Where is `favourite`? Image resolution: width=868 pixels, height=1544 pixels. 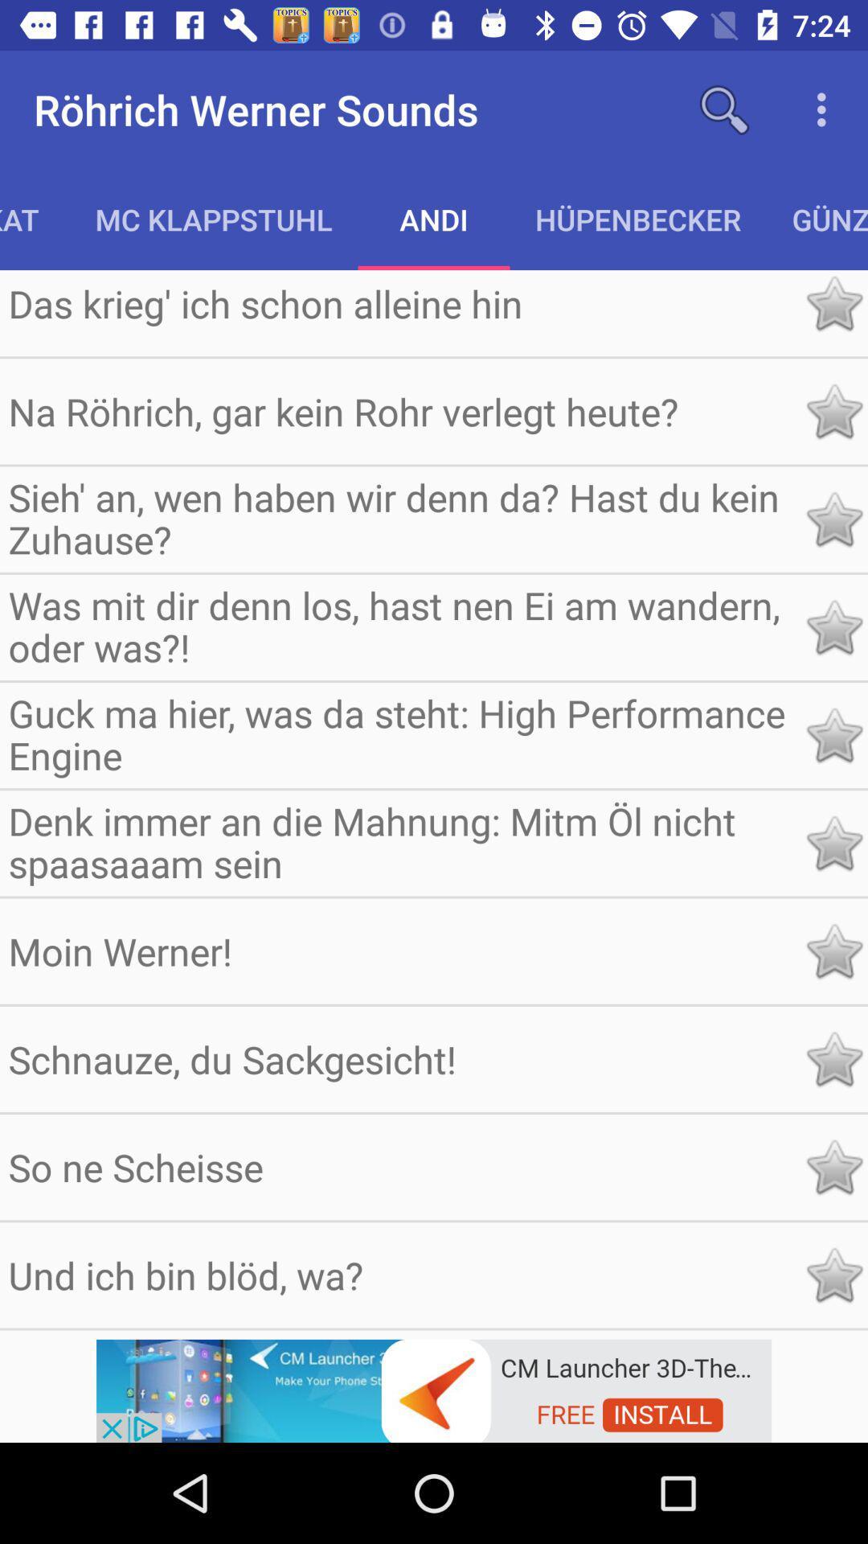 favourite is located at coordinates (833, 734).